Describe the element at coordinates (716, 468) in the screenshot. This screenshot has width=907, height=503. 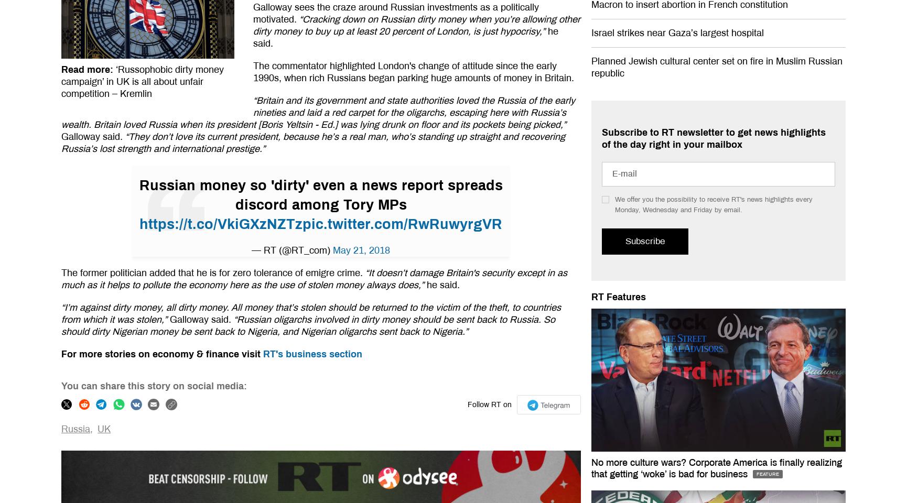
I see `'No more culture wars? Corporate America is finally realizing that getting ‘woke’ is bad for business'` at that location.